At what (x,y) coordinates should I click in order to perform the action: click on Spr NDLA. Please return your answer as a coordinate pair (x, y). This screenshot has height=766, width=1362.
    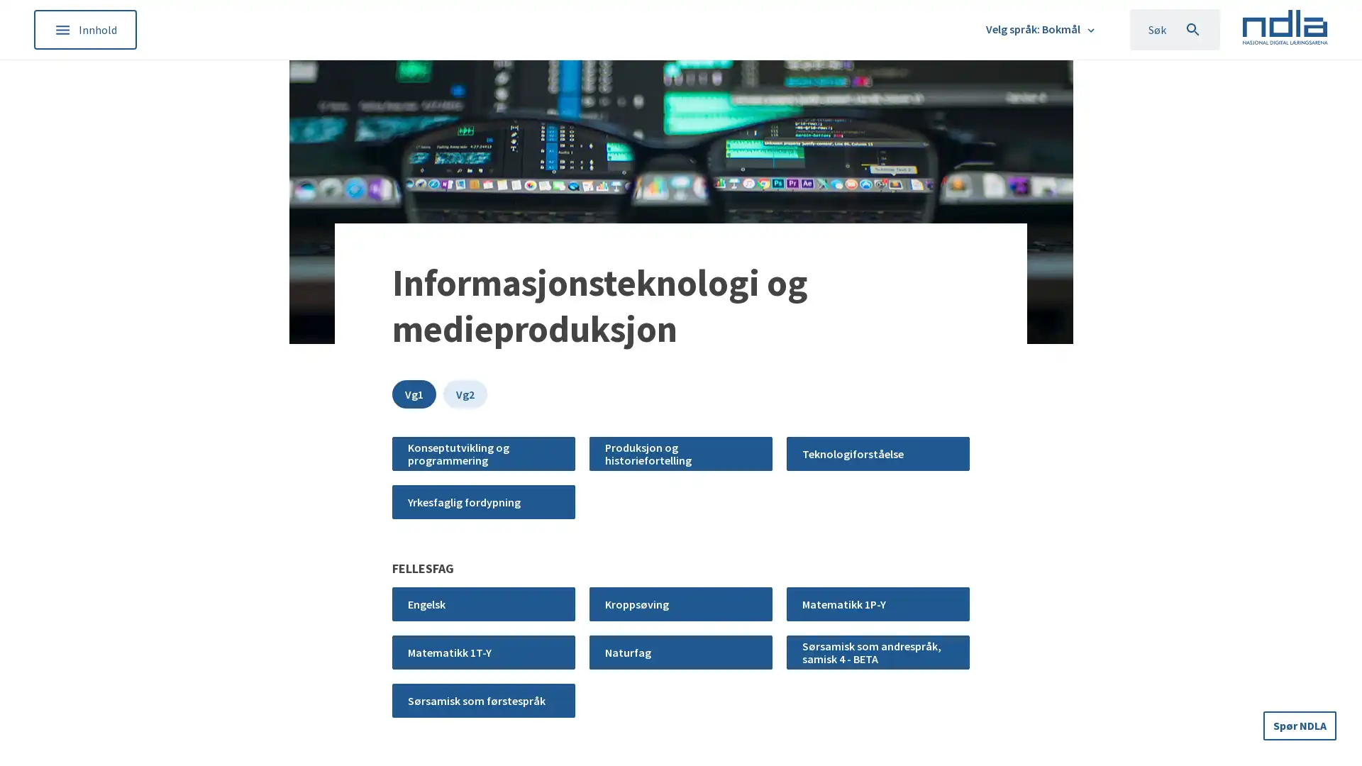
    Looking at the image, I should click on (1300, 724).